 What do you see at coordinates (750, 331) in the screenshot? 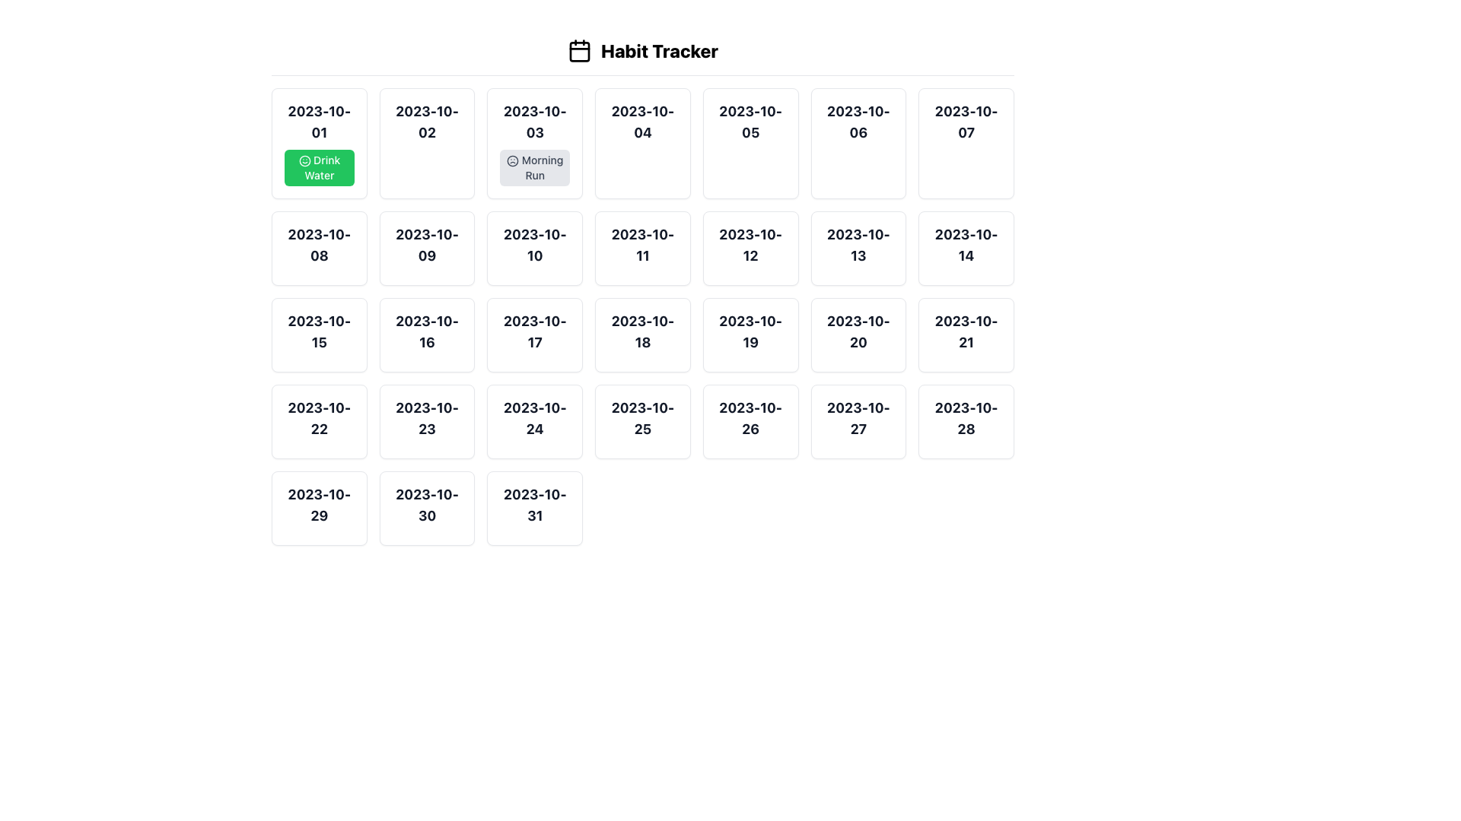
I see `the displayed static text element showing the date '2023-10-19' in bold, large font size within a calendar layout` at bounding box center [750, 331].